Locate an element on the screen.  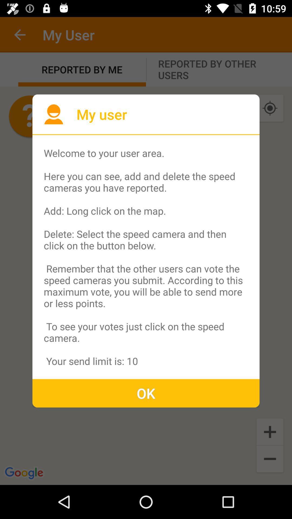
the ok at the bottom is located at coordinates (146, 393).